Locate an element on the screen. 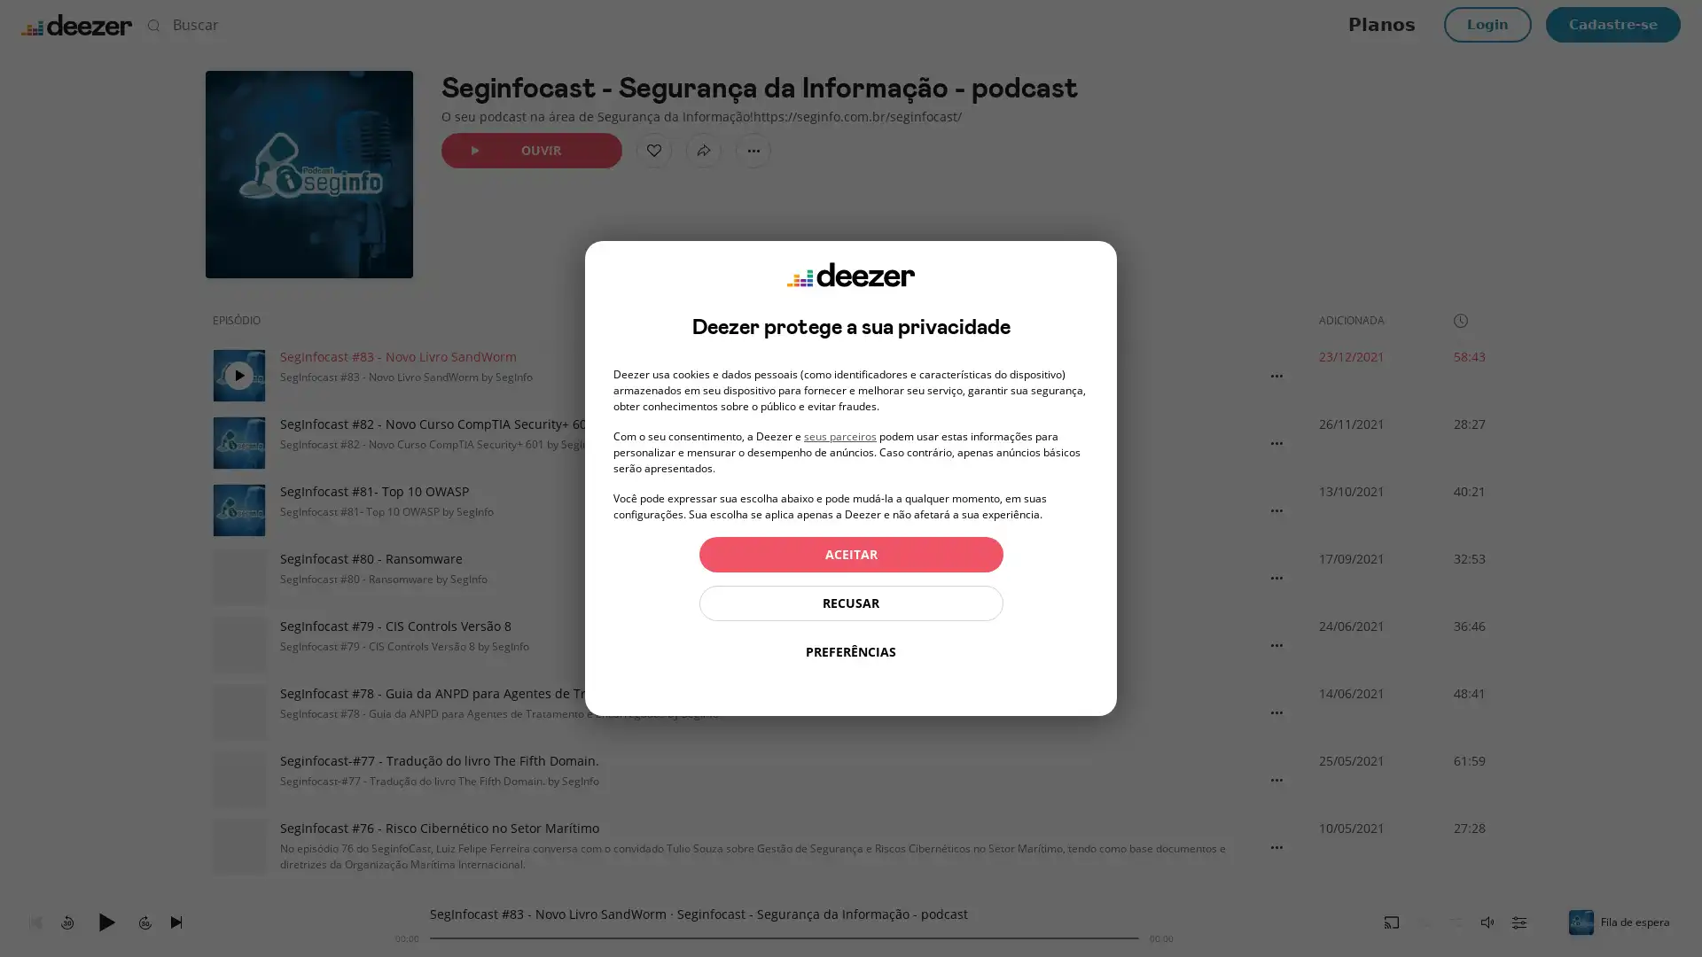  Fila de espera is located at coordinates (1620, 921).